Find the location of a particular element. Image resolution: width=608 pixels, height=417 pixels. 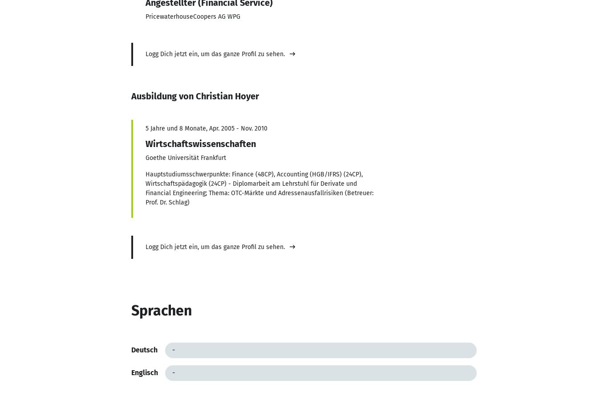

'Englisch' is located at coordinates (144, 372).